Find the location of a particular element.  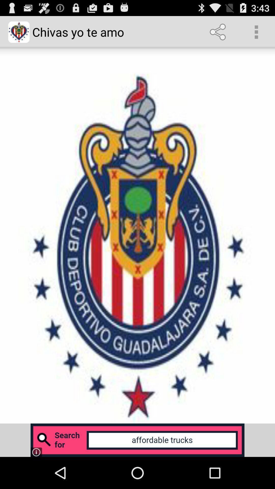

the item next to chivas yo te item is located at coordinates (218, 32).